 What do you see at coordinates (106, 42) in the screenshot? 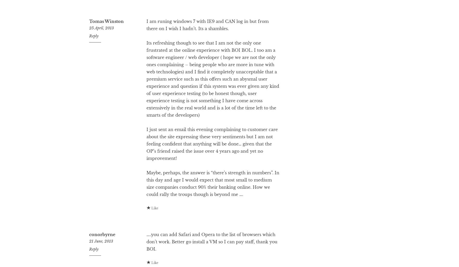
I see `'Tomas Winston'` at bounding box center [106, 42].